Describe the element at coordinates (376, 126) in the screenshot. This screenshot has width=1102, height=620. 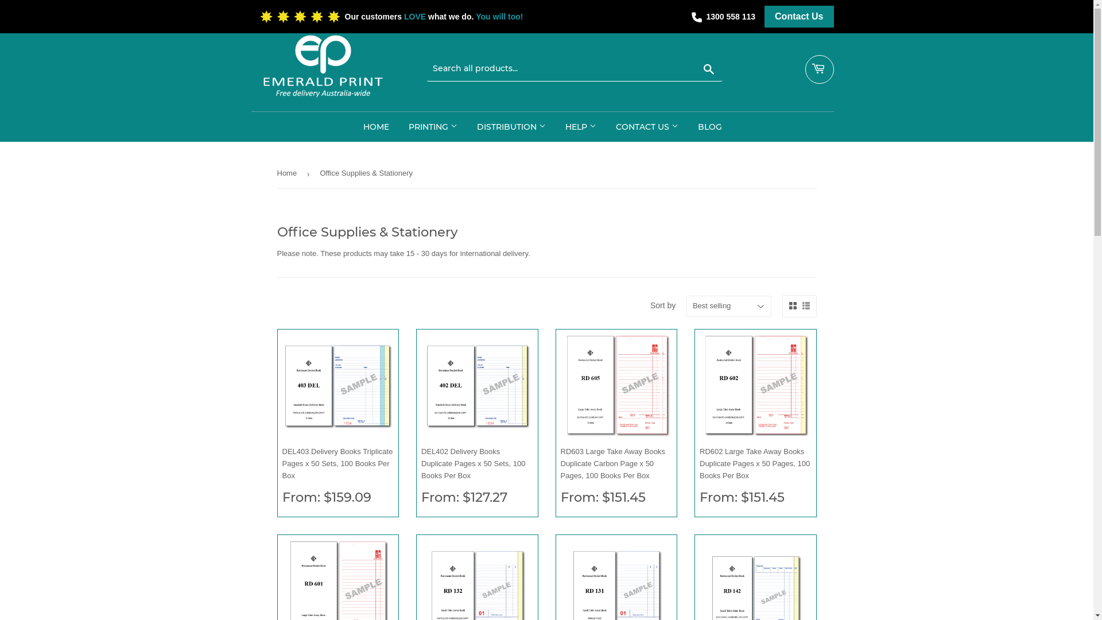
I see `'HOME'` at that location.